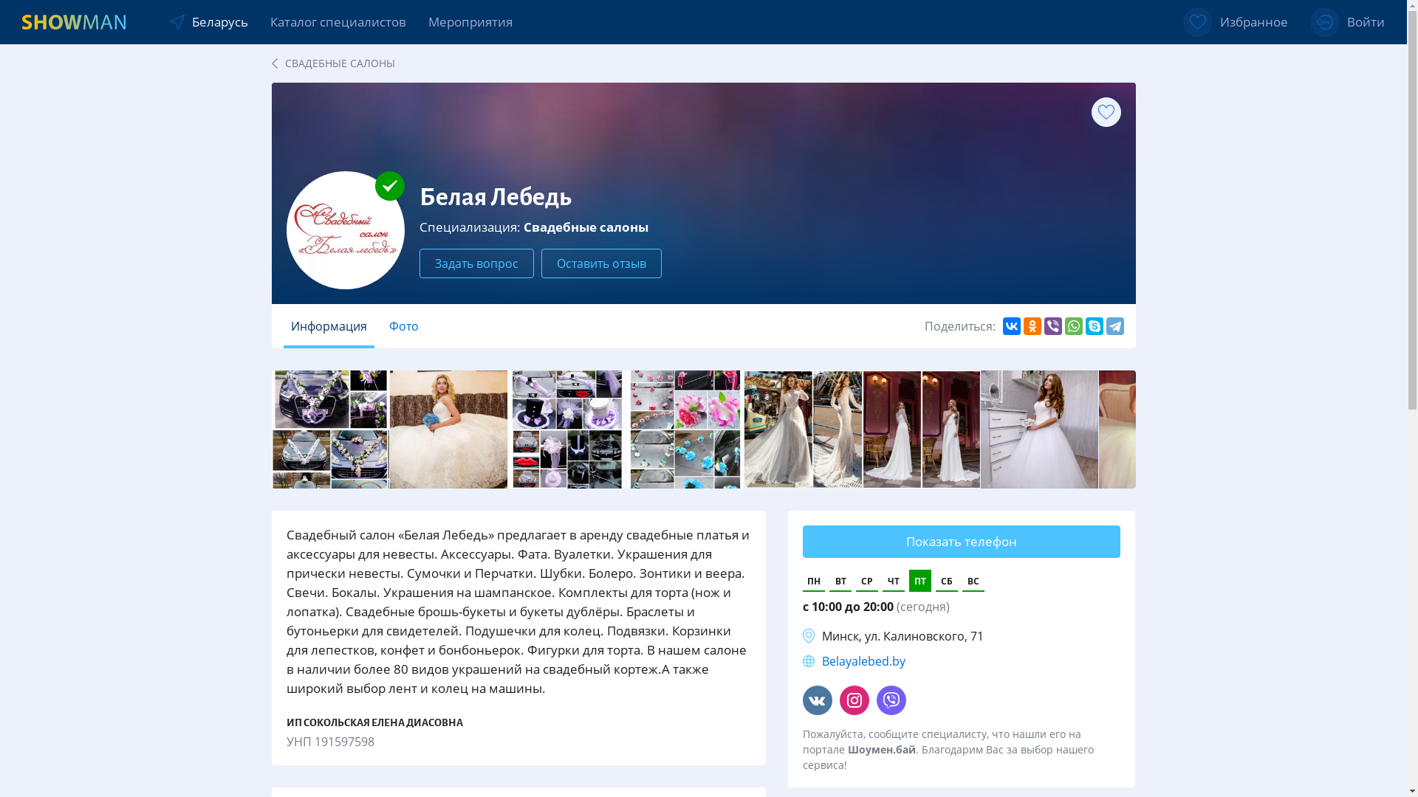 This screenshot has width=1418, height=797. Describe the element at coordinates (863, 660) in the screenshot. I see `'Belayalebed.by'` at that location.